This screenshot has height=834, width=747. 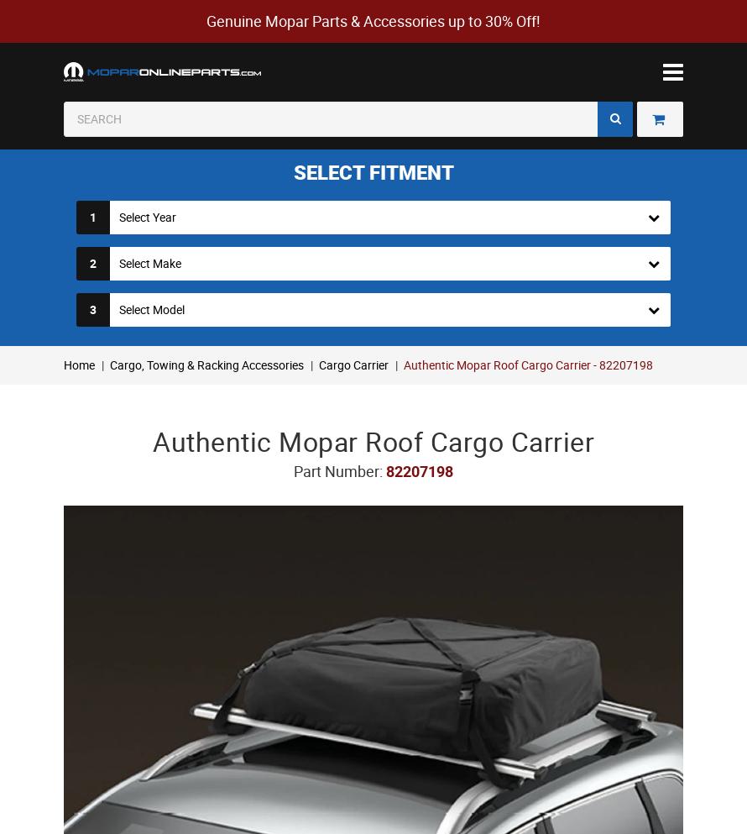 I want to click on 'Authentic Mopar Roof Cargo Carrier - 82207198', so click(x=528, y=364).